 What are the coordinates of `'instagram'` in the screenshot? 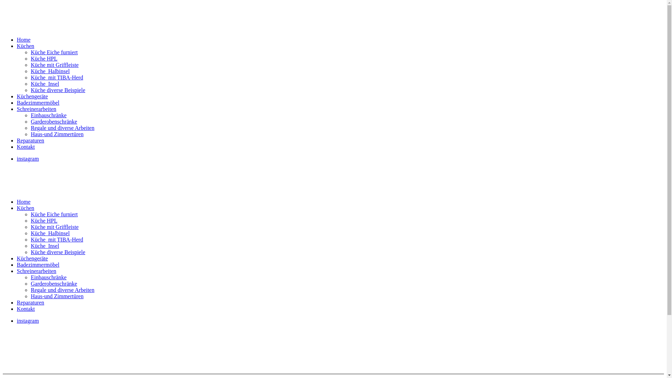 It's located at (28, 321).